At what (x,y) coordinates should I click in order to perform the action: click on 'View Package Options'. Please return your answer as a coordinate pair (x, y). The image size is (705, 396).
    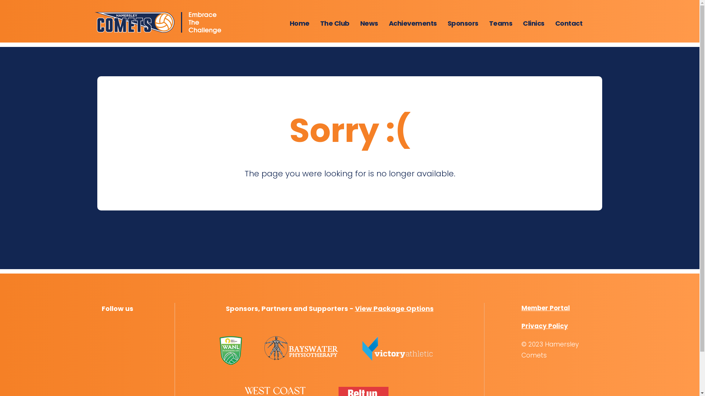
    Looking at the image, I should click on (394, 308).